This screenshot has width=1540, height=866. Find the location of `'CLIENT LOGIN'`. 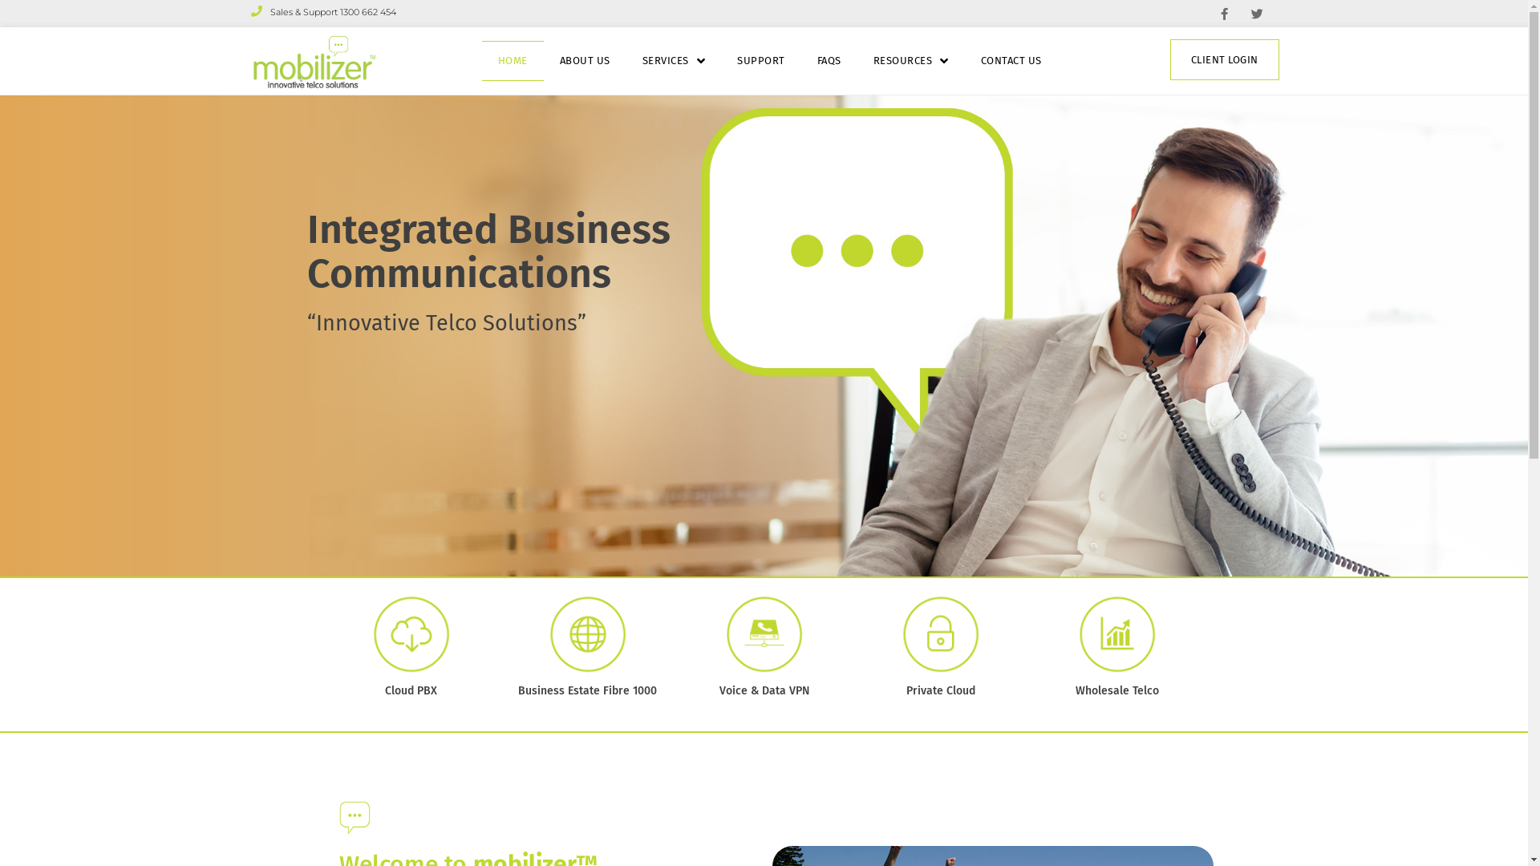

'CLIENT LOGIN' is located at coordinates (1170, 59).